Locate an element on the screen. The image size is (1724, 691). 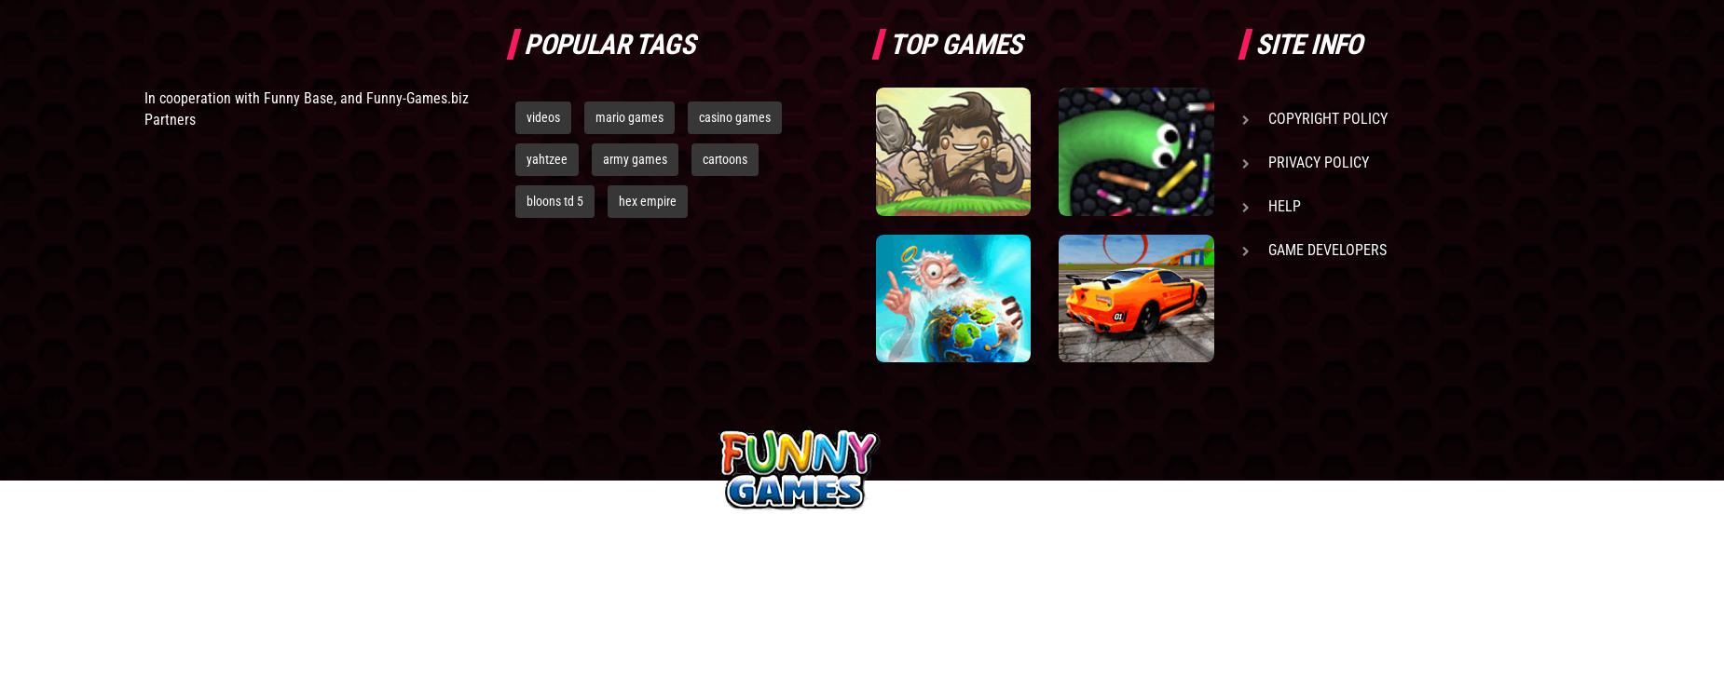
'By viewing or accessing Funny-Games.biz, you expressly agree to the following term and conditions detailed below. Although Funny-Games.biz attempts to ensure that all information contained on this website is error-free, we accept no liability for omissions, and reserve the right to change or alter the content of the site at anytime.
Funny-Games.biz does not make any warranty that the website is free from infection from viruses; nor does any provider of content to the site or their respective agents make any warranty as to the results to be obtained from use of the site.' is located at coordinates (508, 630).